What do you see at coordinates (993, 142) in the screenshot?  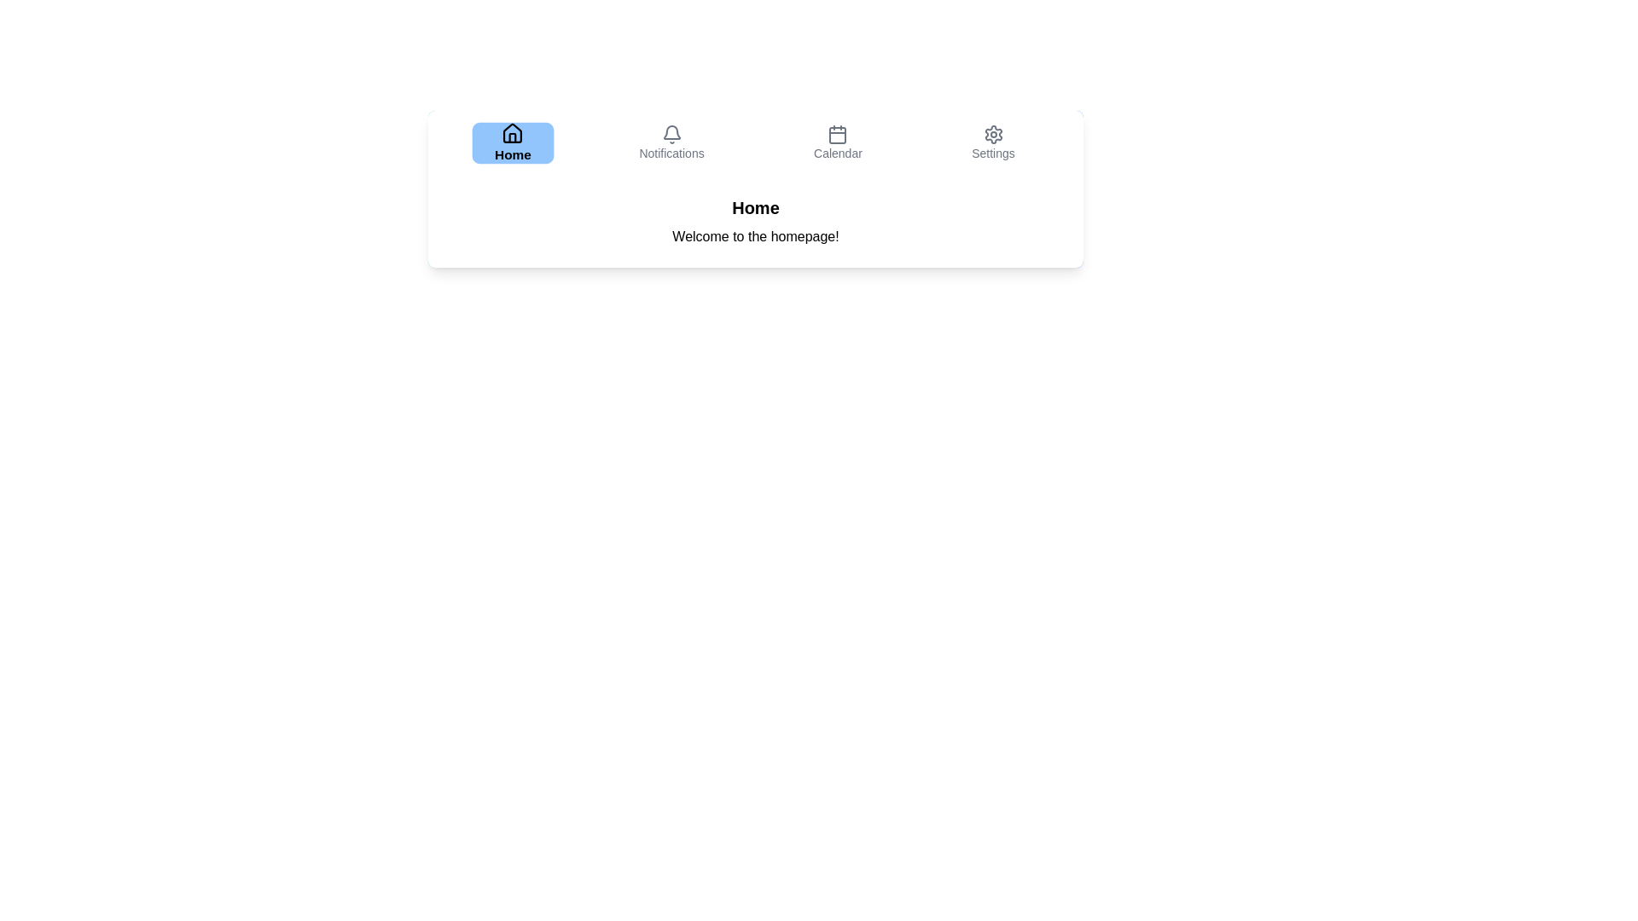 I see `the 'Settings' navigation menu item, which is represented by a cogwheel icon and the text 'Settings' in gray, located as the fourth item from the left in the navigation menu` at bounding box center [993, 142].